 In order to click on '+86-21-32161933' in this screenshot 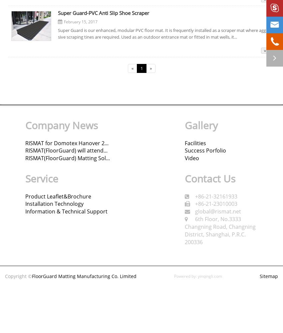, I will do `click(215, 196)`.